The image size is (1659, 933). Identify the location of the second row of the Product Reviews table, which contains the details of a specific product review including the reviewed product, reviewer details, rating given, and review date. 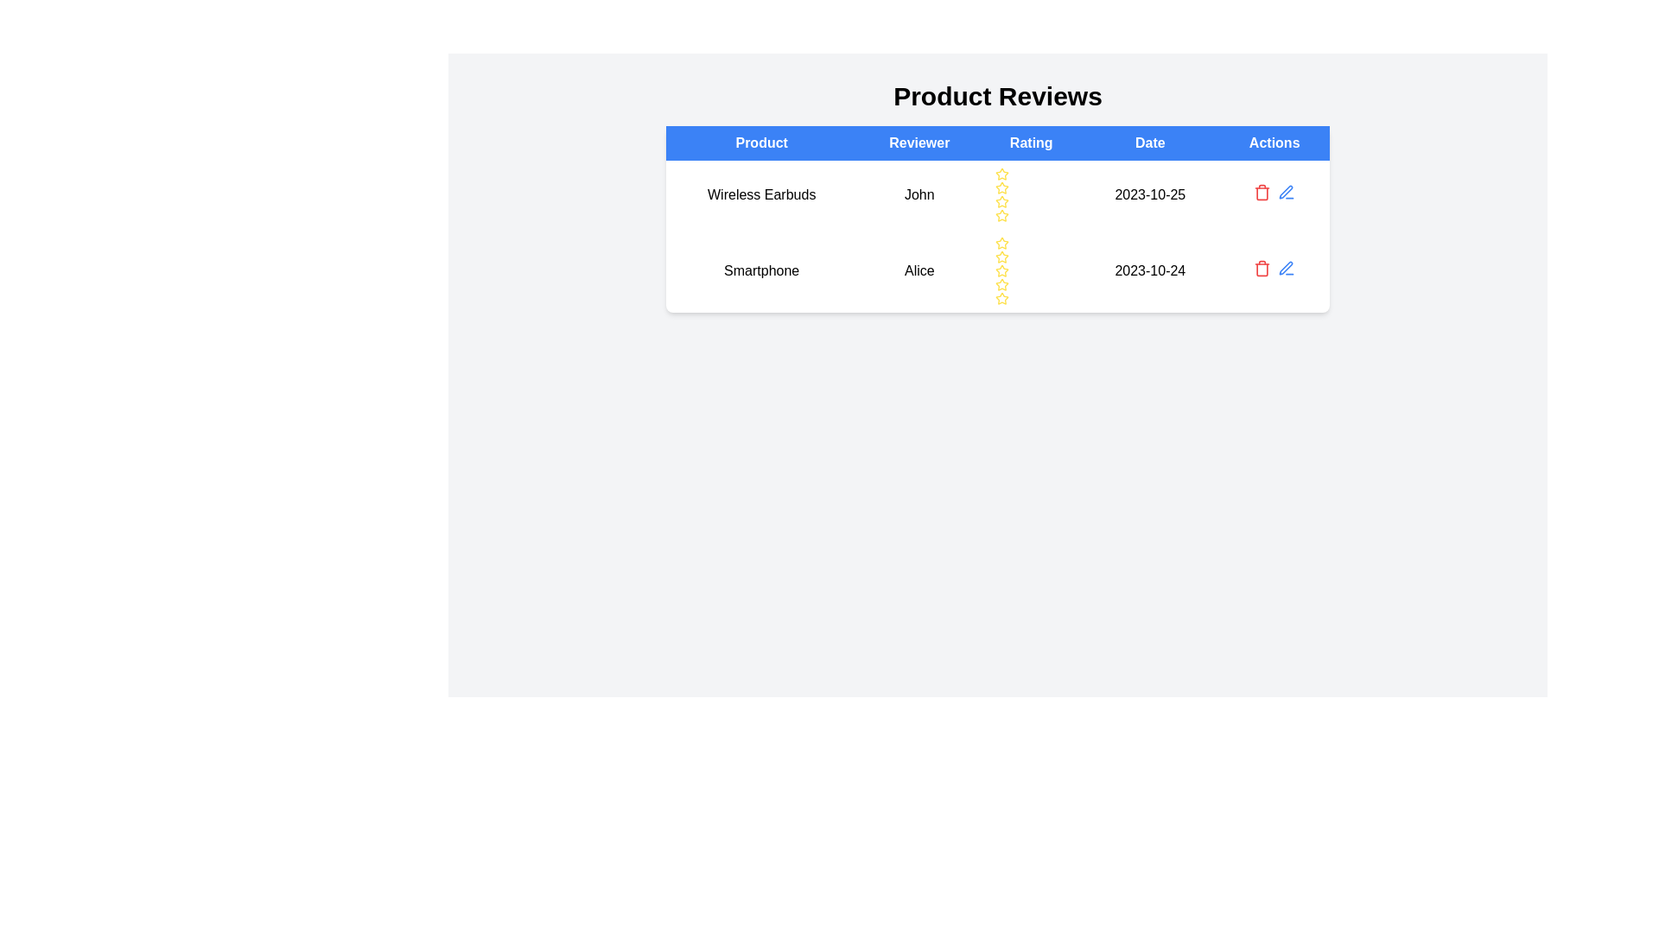
(998, 236).